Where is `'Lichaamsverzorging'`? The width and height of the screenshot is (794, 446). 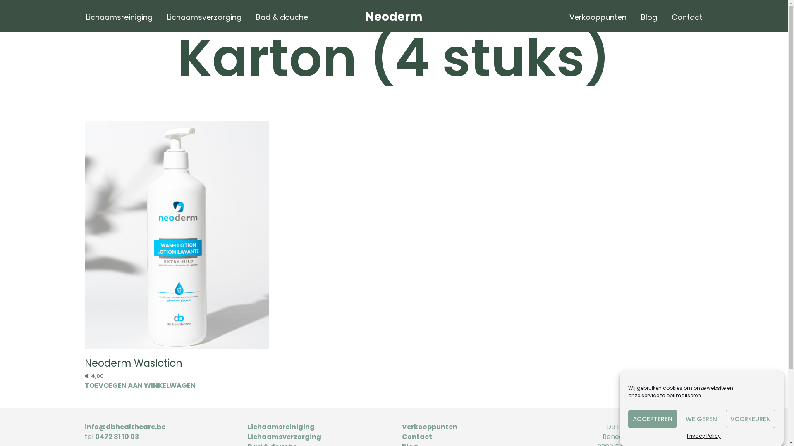 'Lichaamsverzorging' is located at coordinates (204, 17).